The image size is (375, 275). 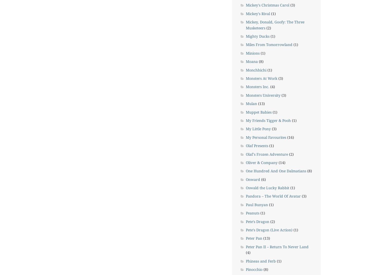 I want to click on 'Minions', so click(x=252, y=53).